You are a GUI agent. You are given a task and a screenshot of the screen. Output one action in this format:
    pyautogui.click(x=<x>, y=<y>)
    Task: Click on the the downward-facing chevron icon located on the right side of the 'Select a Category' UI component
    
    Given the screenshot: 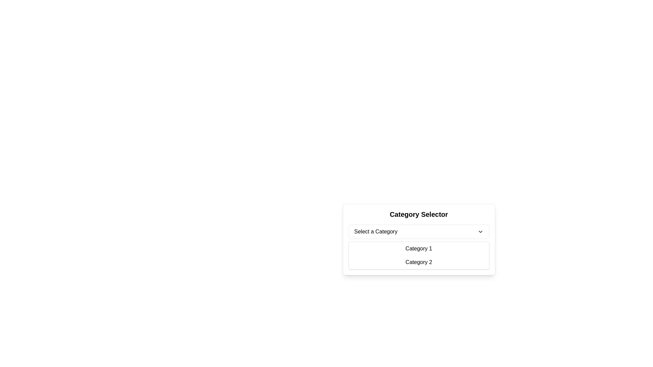 What is the action you would take?
    pyautogui.click(x=480, y=231)
    